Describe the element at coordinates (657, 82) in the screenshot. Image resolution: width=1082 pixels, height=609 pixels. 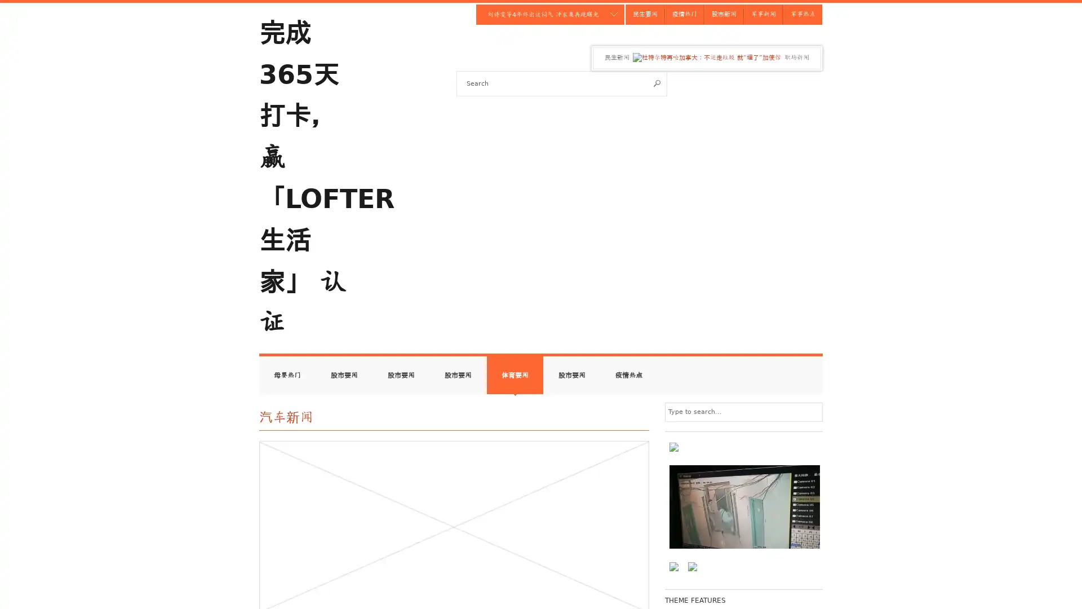
I see `Search` at that location.